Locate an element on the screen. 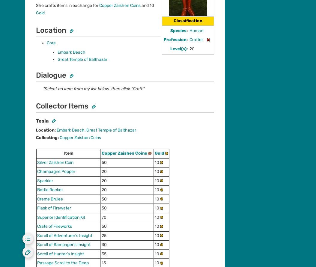 The height and width of the screenshot is (267, 316). 'Community Central' is located at coordinates (43, 186).